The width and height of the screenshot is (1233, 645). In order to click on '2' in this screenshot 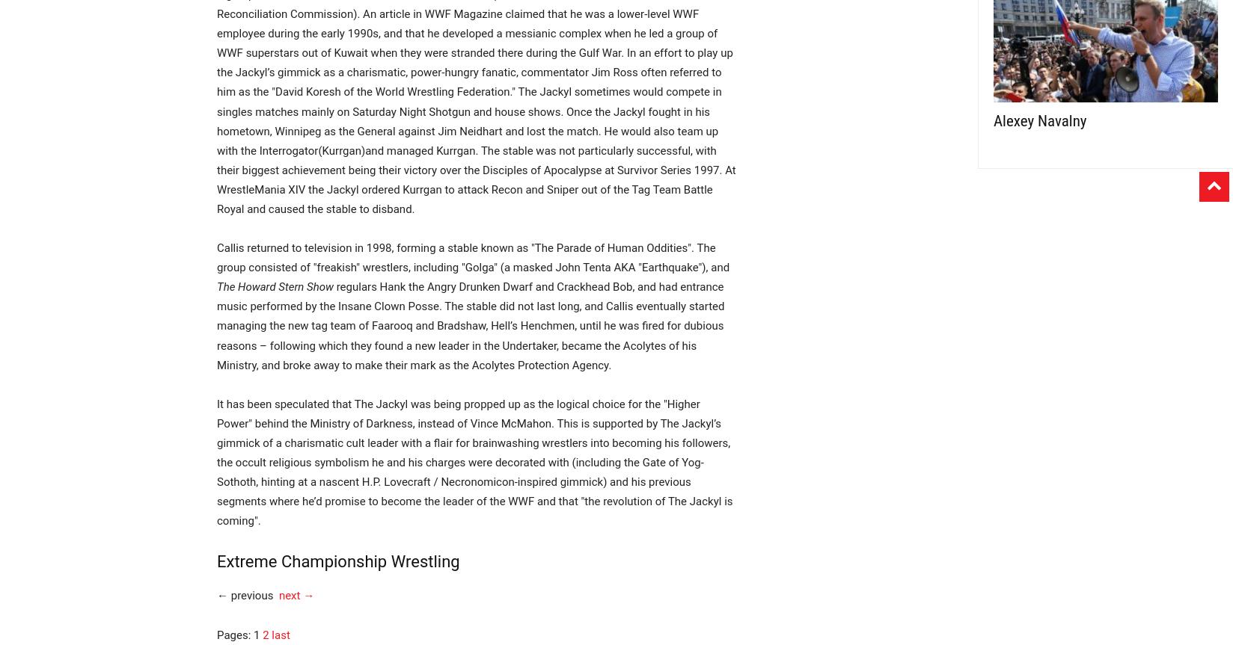, I will do `click(264, 634)`.